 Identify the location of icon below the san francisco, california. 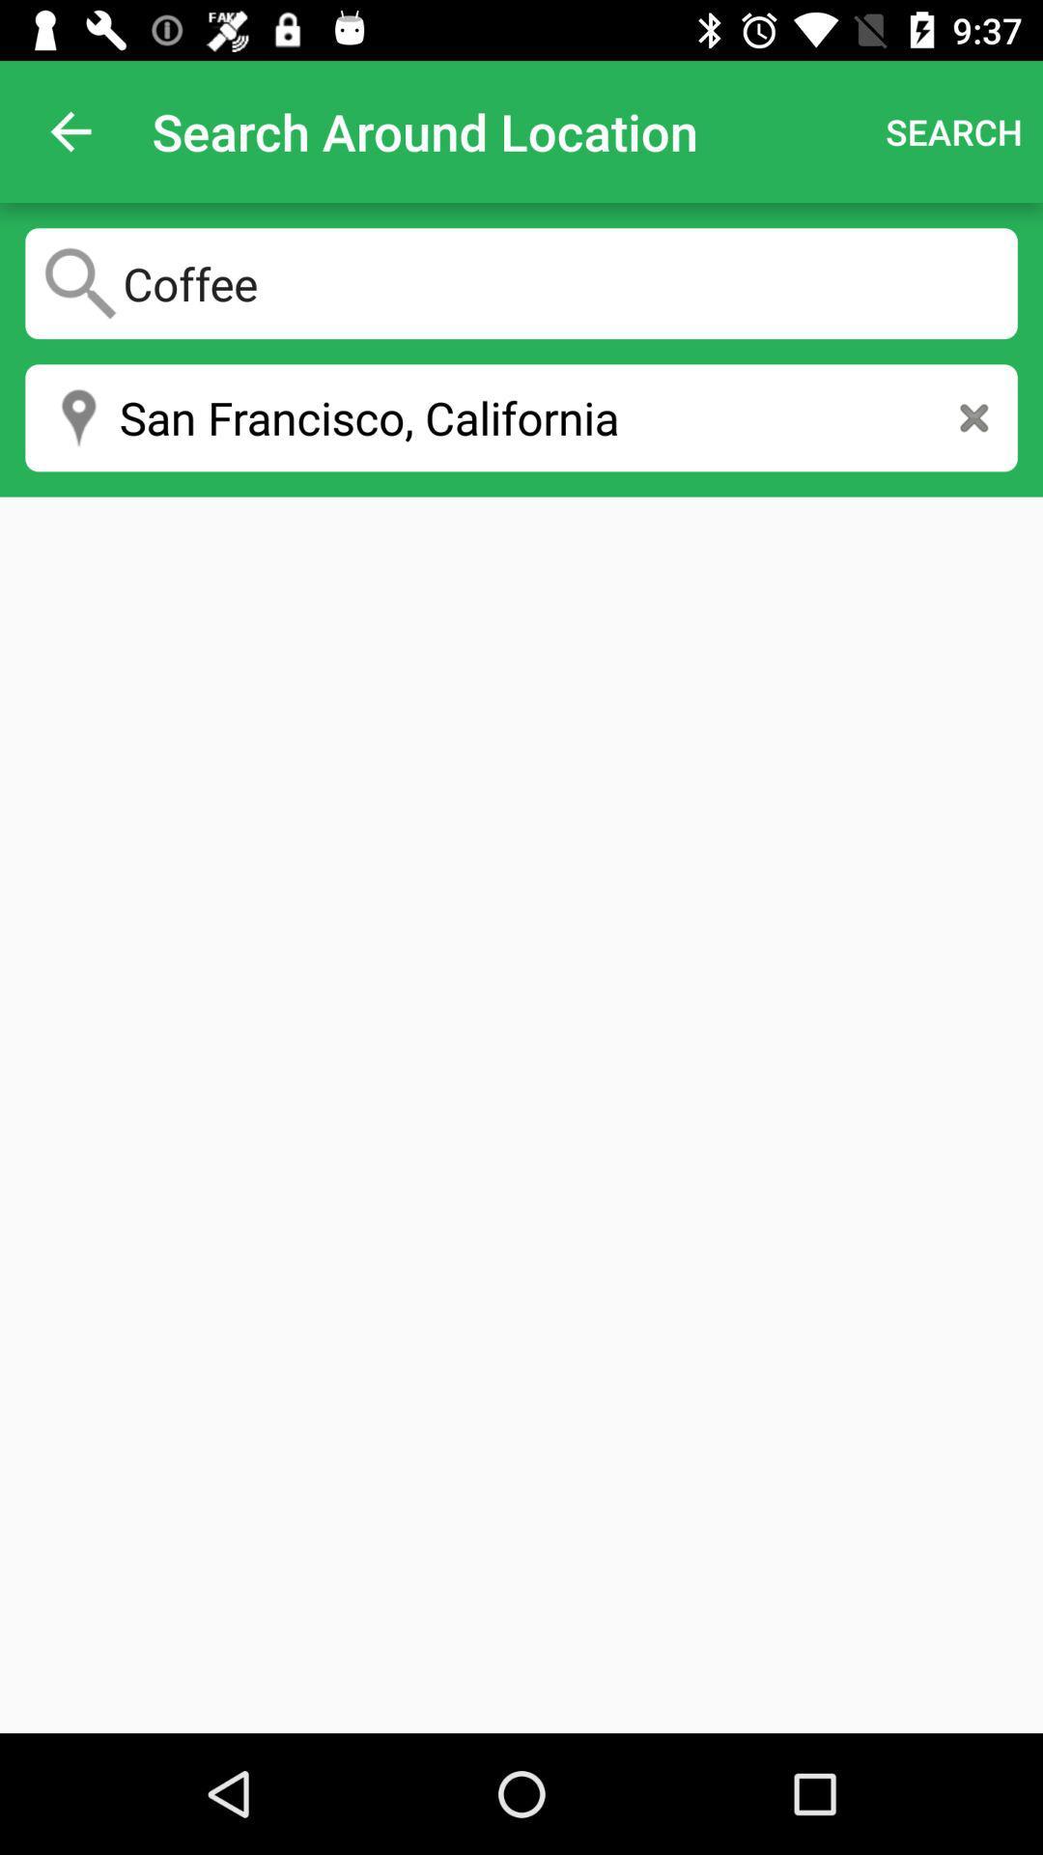
(521, 1115).